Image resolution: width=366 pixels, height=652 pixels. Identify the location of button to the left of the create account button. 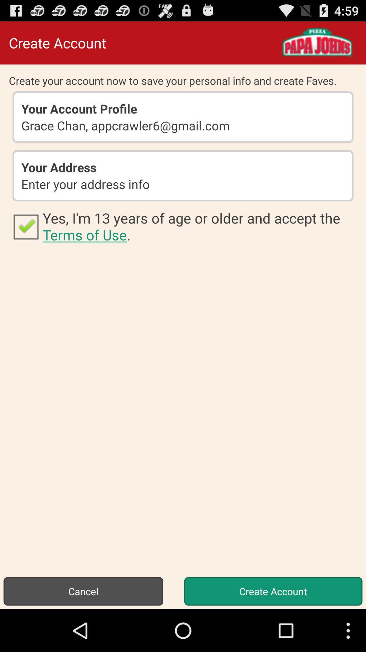
(83, 591).